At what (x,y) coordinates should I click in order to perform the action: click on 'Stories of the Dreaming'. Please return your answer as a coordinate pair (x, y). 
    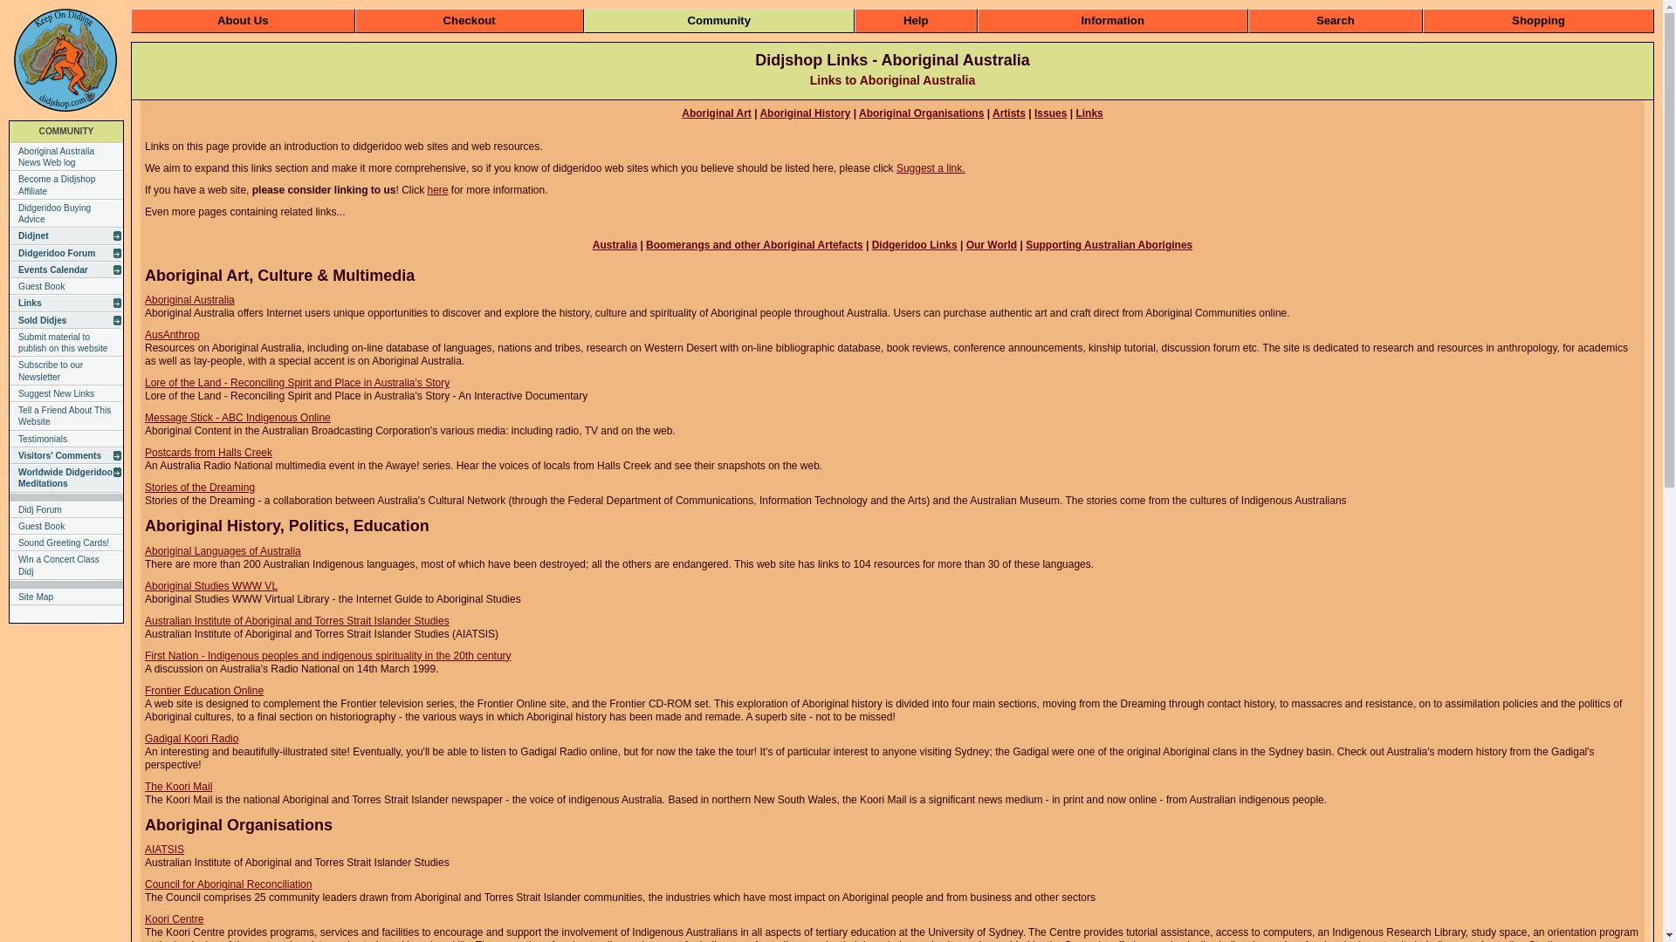
    Looking at the image, I should click on (200, 488).